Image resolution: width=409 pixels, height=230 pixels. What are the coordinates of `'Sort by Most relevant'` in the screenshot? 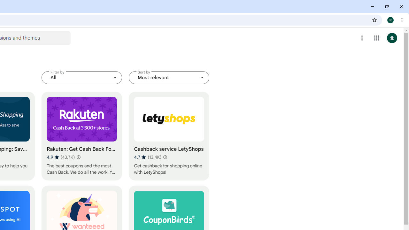 It's located at (169, 77).